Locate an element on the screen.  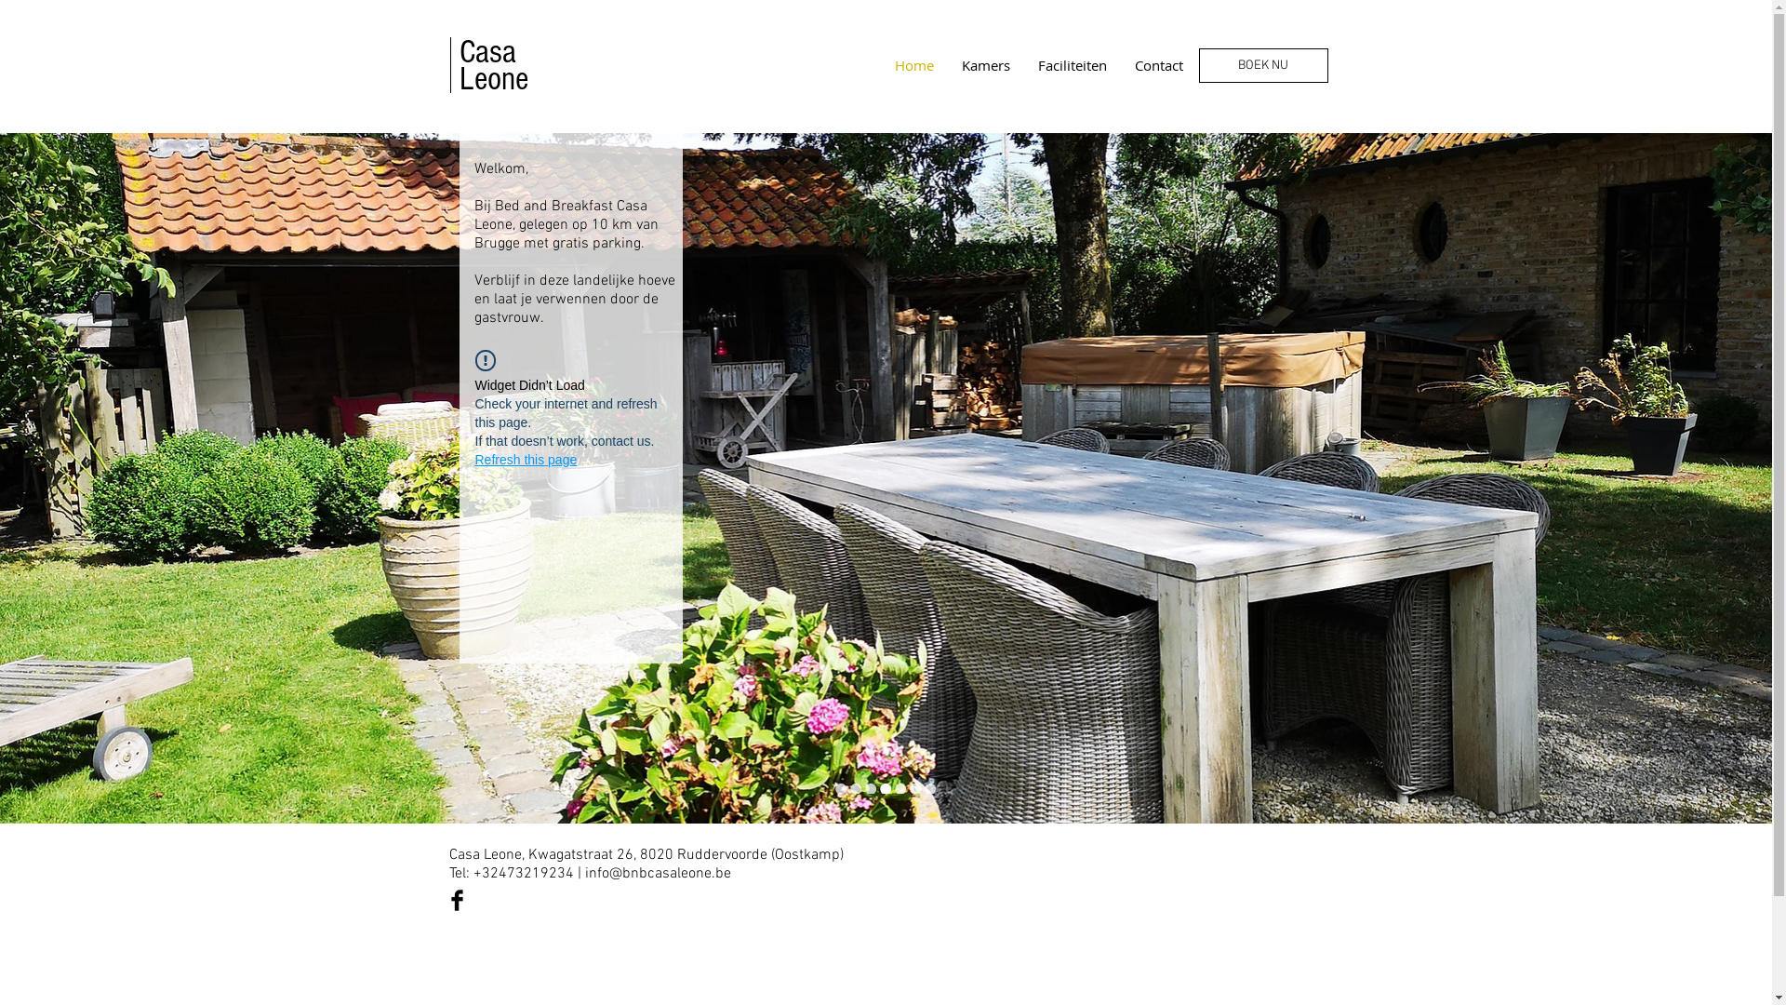
'Casa' is located at coordinates (460, 51).